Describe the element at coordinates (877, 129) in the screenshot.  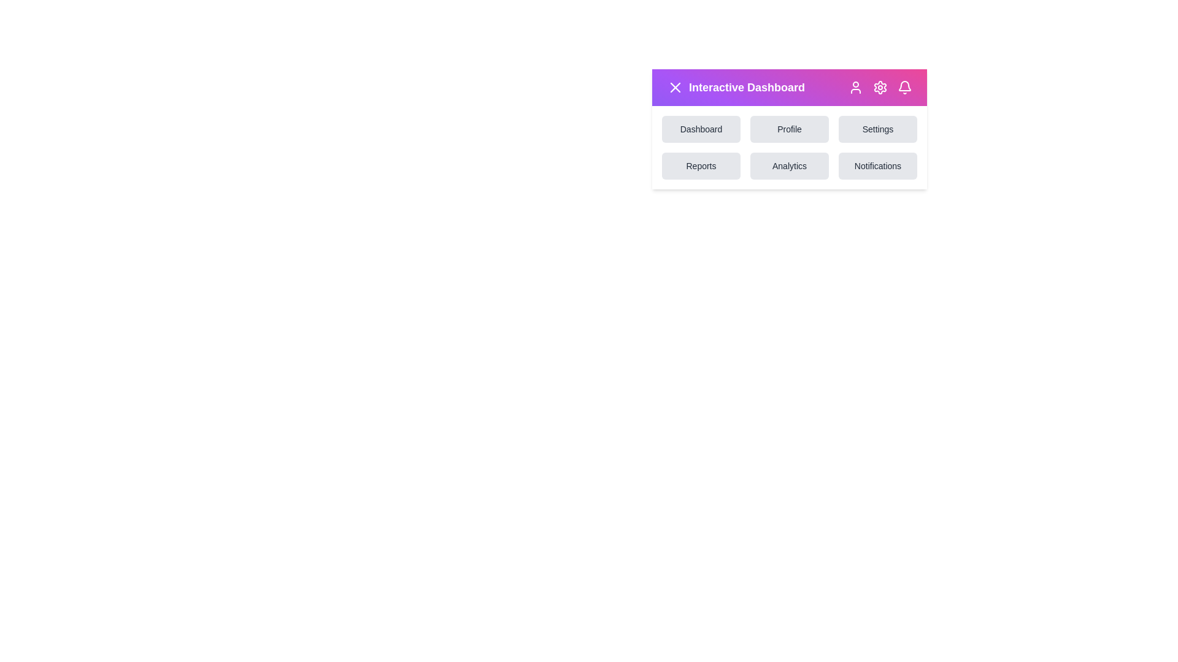
I see `the option Settings from the menu grid` at that location.